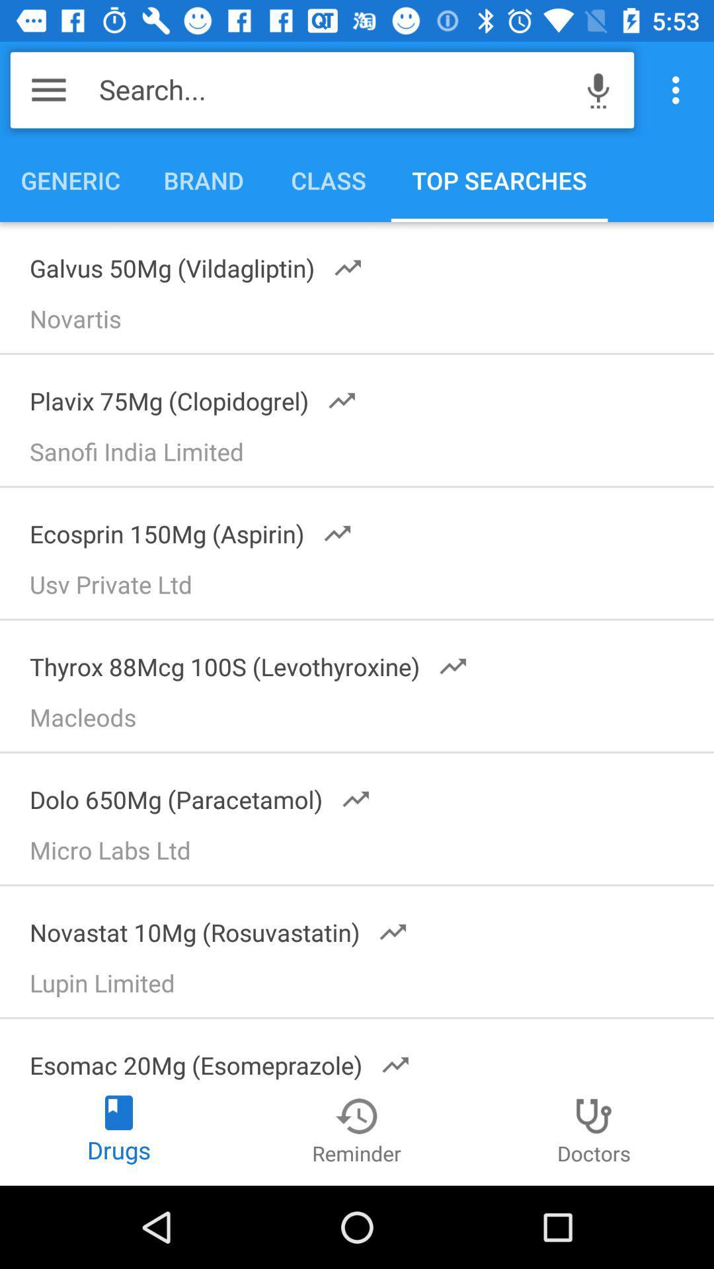  What do you see at coordinates (48, 89) in the screenshot?
I see `the item next to search...` at bounding box center [48, 89].